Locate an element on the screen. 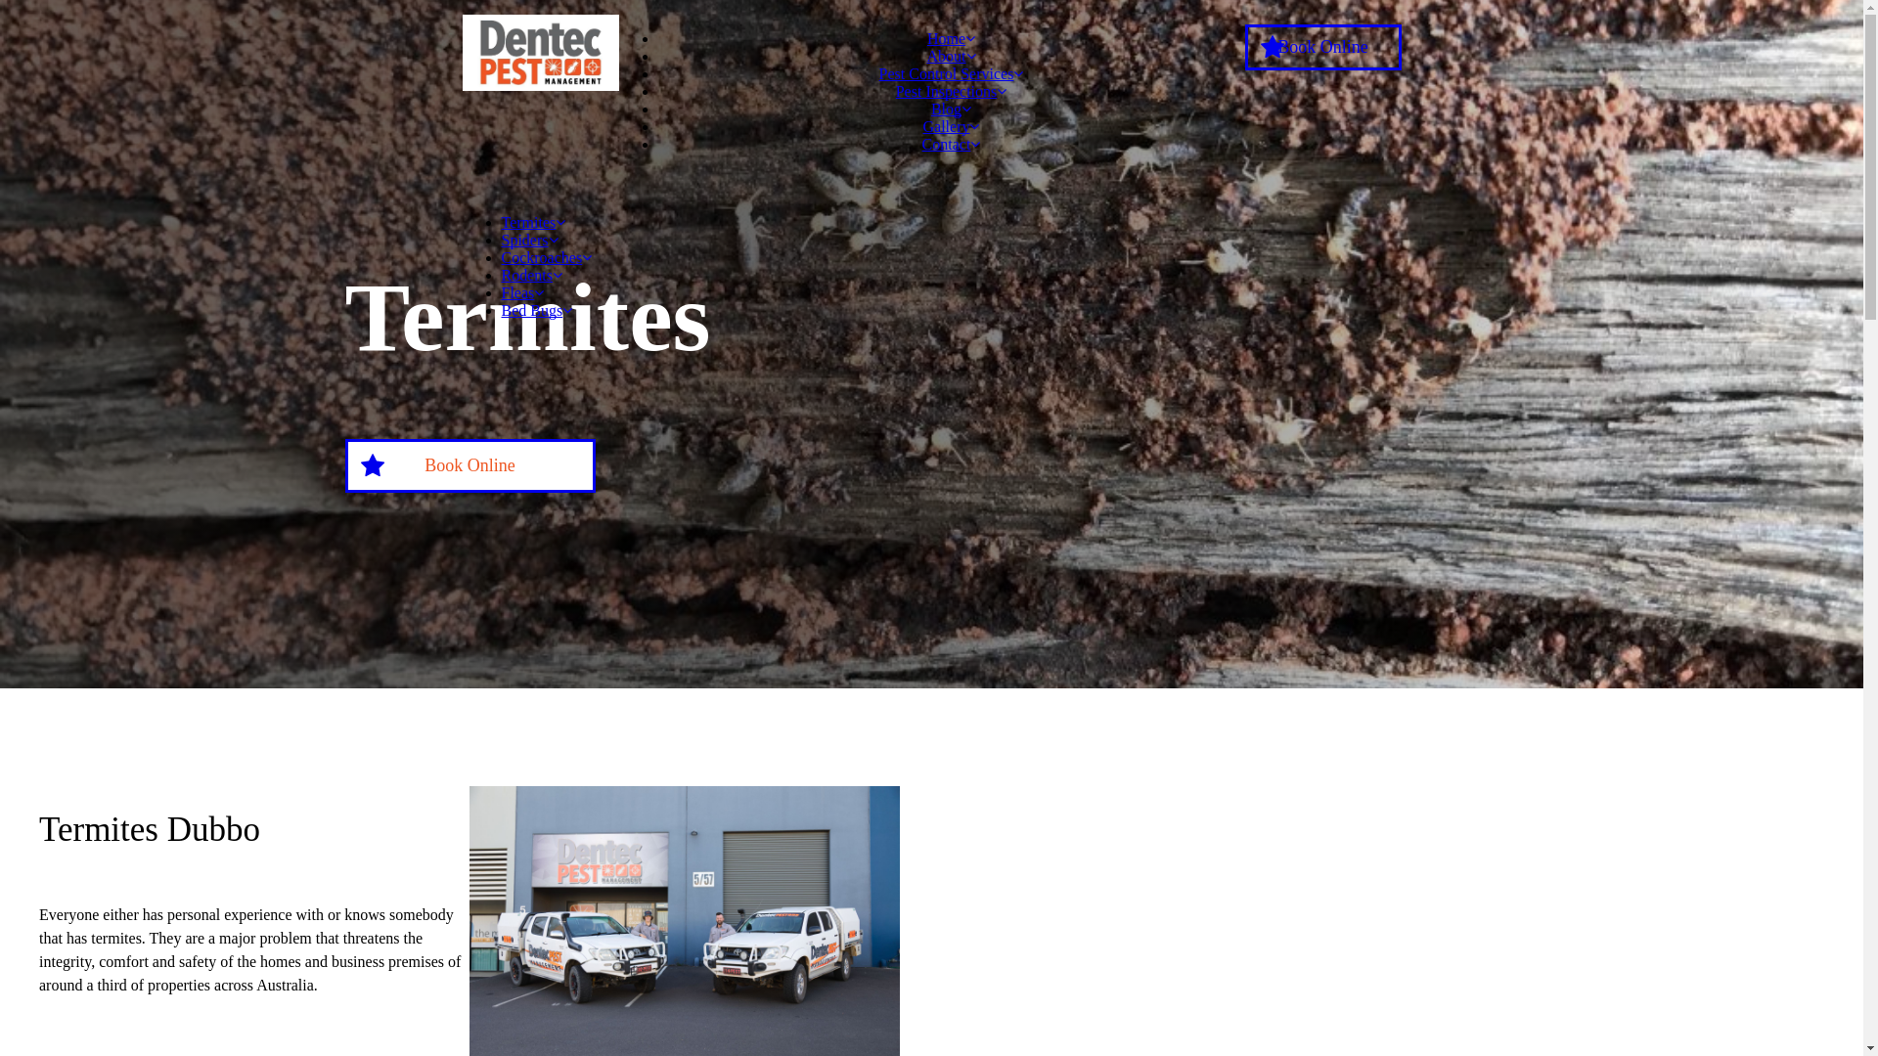 The width and height of the screenshot is (1878, 1056). 'Gallery' is located at coordinates (952, 126).